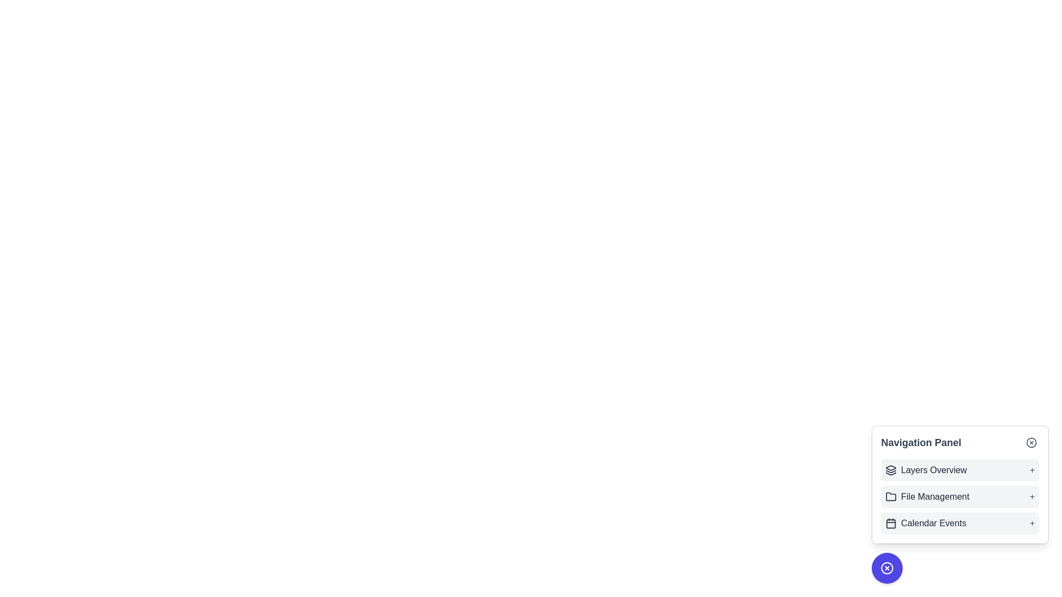 This screenshot has width=1062, height=597. Describe the element at coordinates (927, 496) in the screenshot. I see `the 'File Management' navigational link, which is the second item in the navigation panel, accompanied by a folder icon` at that location.